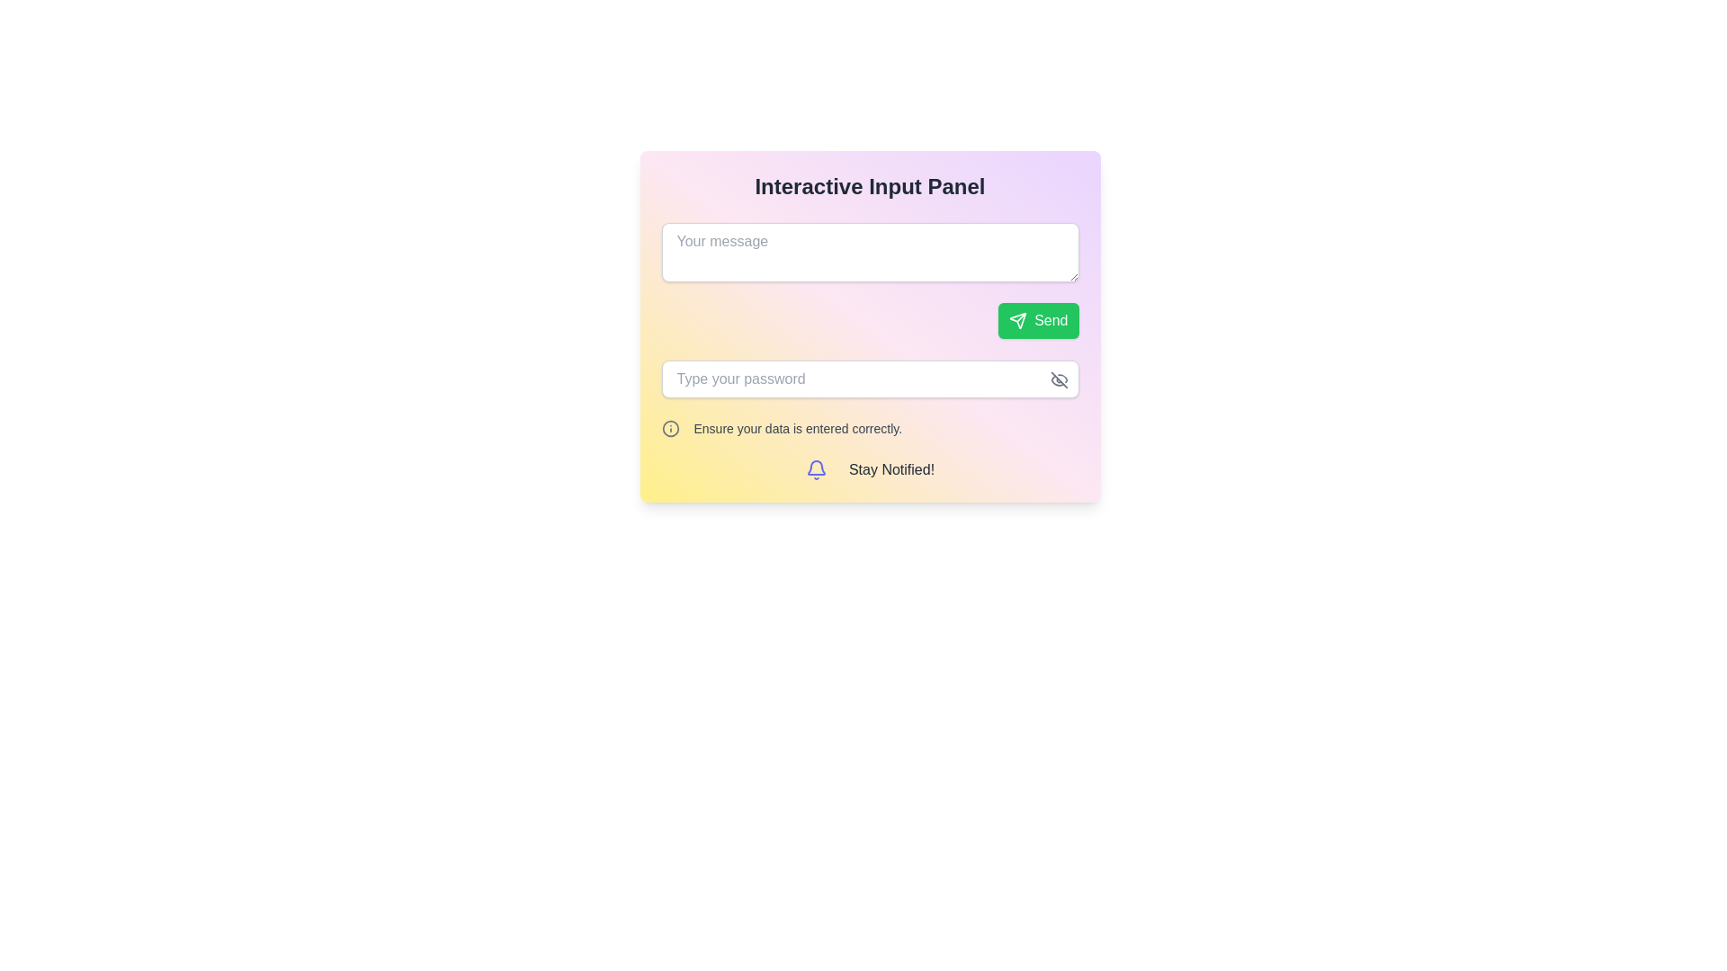  What do you see at coordinates (1051, 320) in the screenshot?
I see `the 'Send' button, which displays the text in a sans-serif font and white color against a green background, located to the right of the 'Your message' text input field` at bounding box center [1051, 320].